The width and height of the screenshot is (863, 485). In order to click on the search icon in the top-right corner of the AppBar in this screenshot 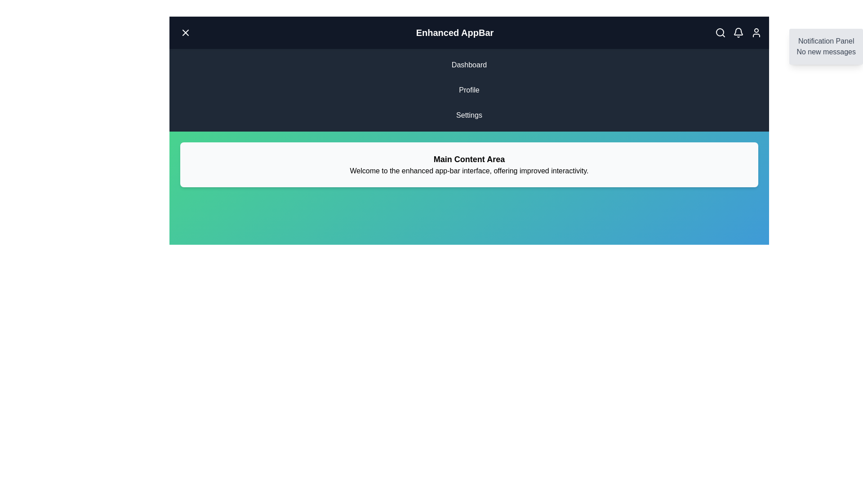, I will do `click(721, 32)`.